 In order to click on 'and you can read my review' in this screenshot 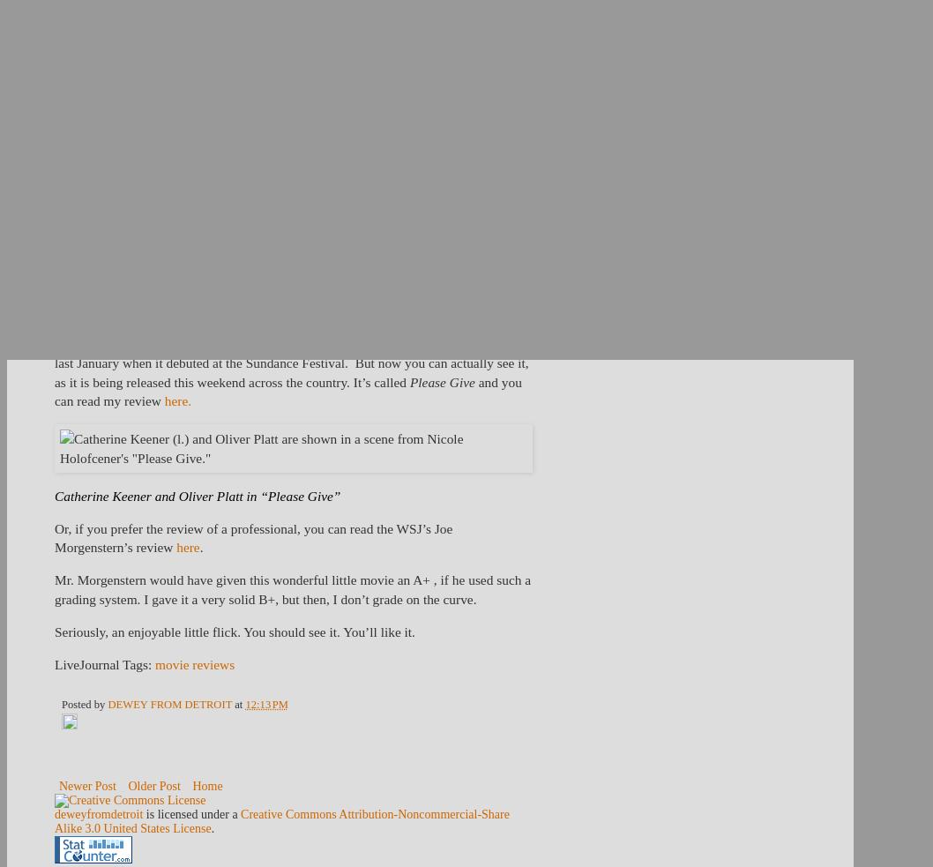, I will do `click(287, 390)`.